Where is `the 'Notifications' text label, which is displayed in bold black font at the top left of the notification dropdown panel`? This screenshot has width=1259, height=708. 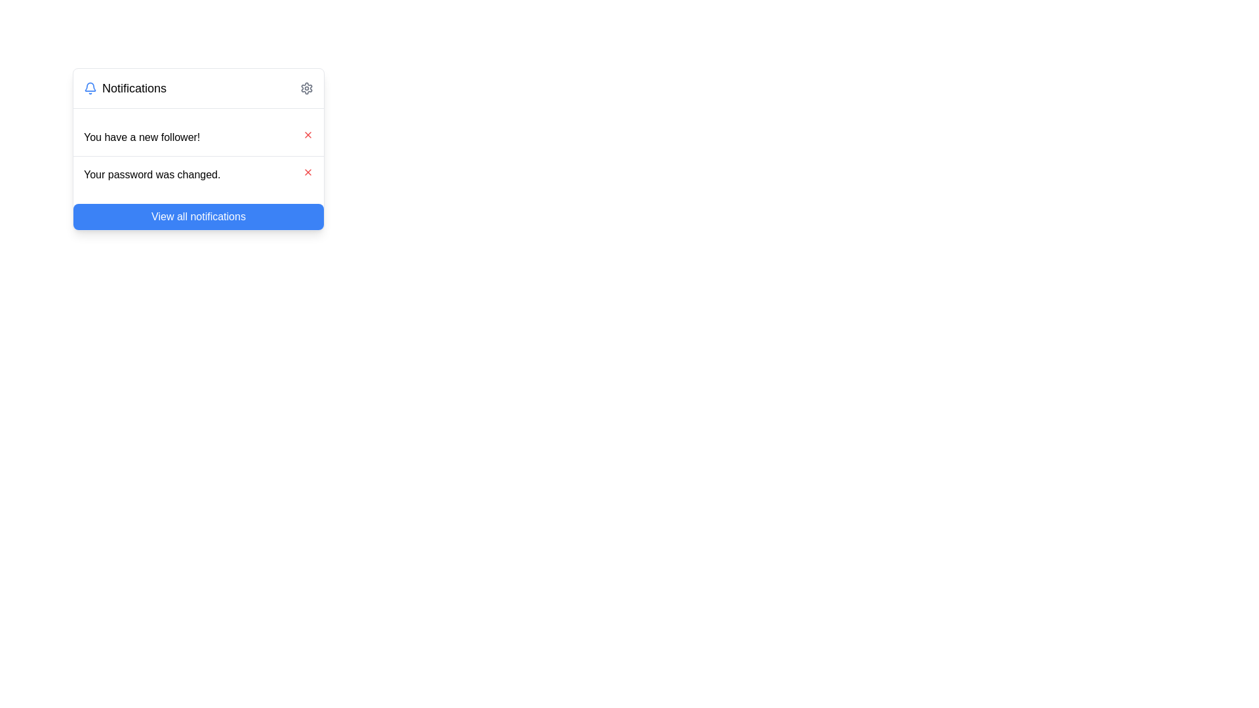 the 'Notifications' text label, which is displayed in bold black font at the top left of the notification dropdown panel is located at coordinates (134, 88).